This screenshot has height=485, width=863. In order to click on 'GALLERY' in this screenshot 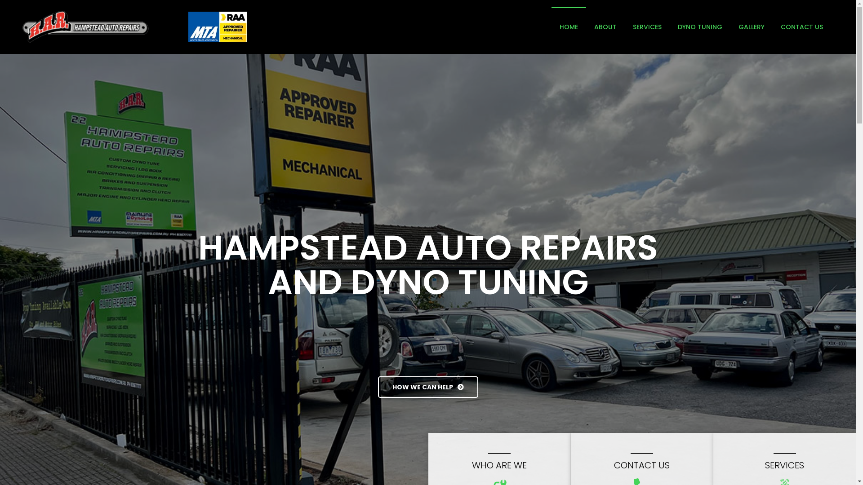, I will do `click(751, 26)`.